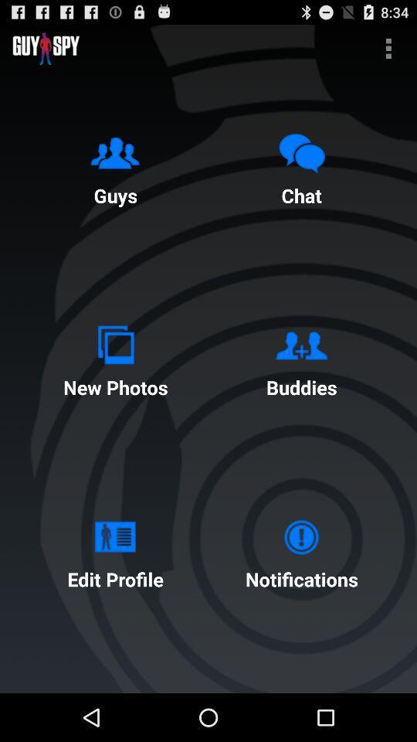 The image size is (417, 742). What do you see at coordinates (114, 358) in the screenshot?
I see `the button next to the buddies icon` at bounding box center [114, 358].